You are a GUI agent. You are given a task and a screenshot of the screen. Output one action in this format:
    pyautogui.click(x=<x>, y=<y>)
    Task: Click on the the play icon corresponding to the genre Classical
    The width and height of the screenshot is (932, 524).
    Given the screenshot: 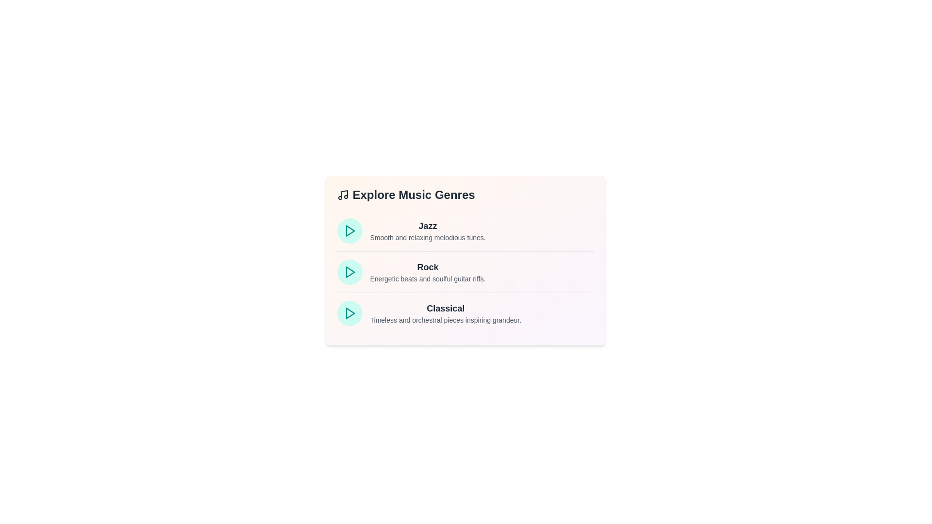 What is the action you would take?
    pyautogui.click(x=349, y=313)
    